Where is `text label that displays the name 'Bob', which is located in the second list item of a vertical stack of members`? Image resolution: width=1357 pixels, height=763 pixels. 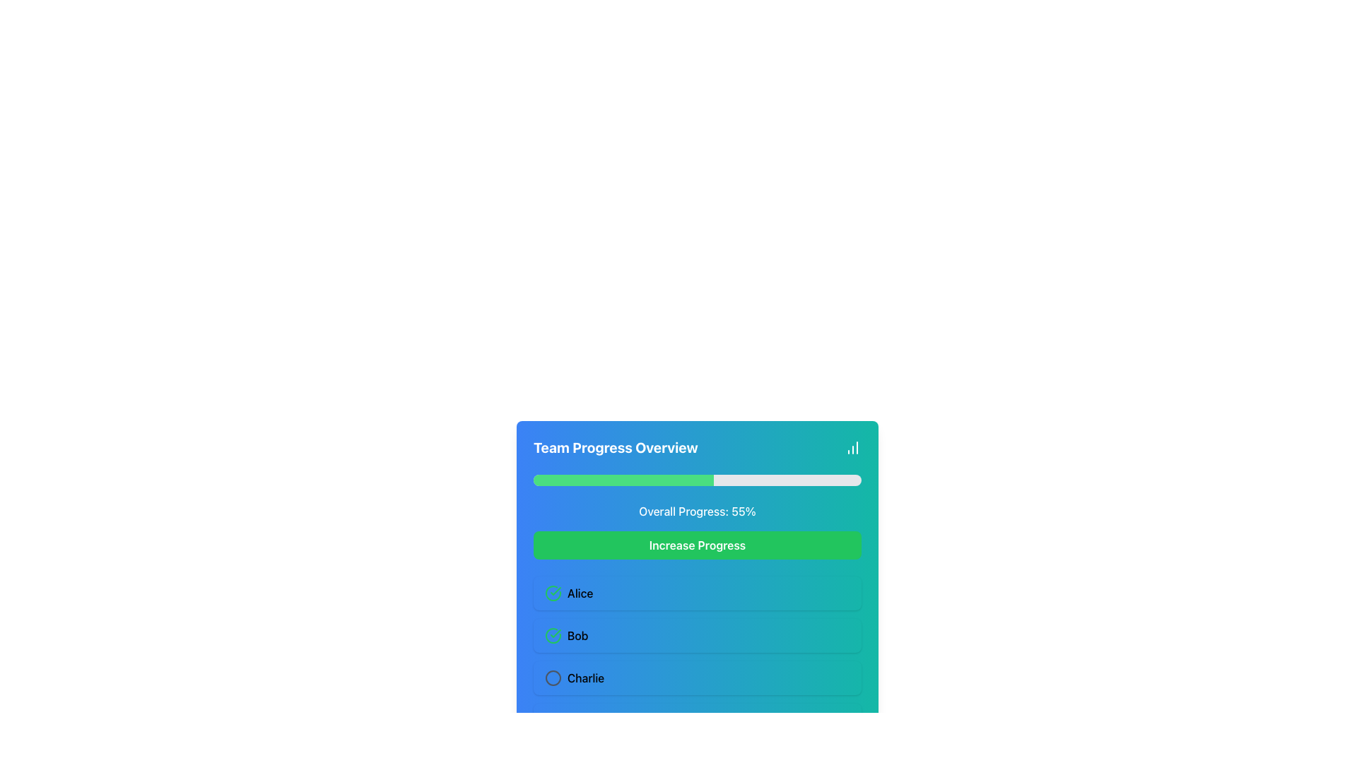 text label that displays the name 'Bob', which is located in the second list item of a vertical stack of members is located at coordinates (577, 634).